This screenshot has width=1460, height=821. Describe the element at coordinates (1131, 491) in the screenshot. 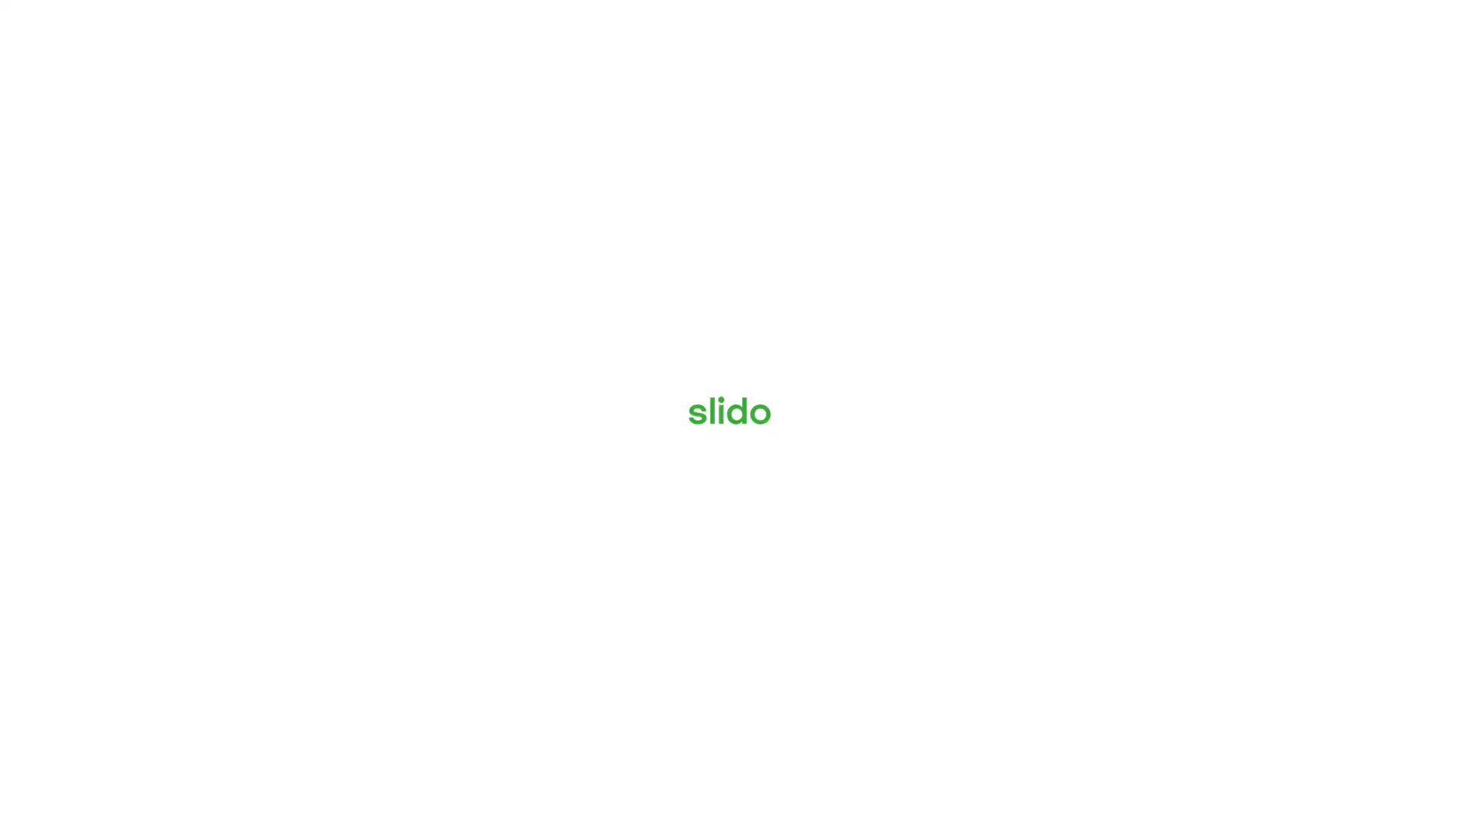

I see `1 reply` at that location.